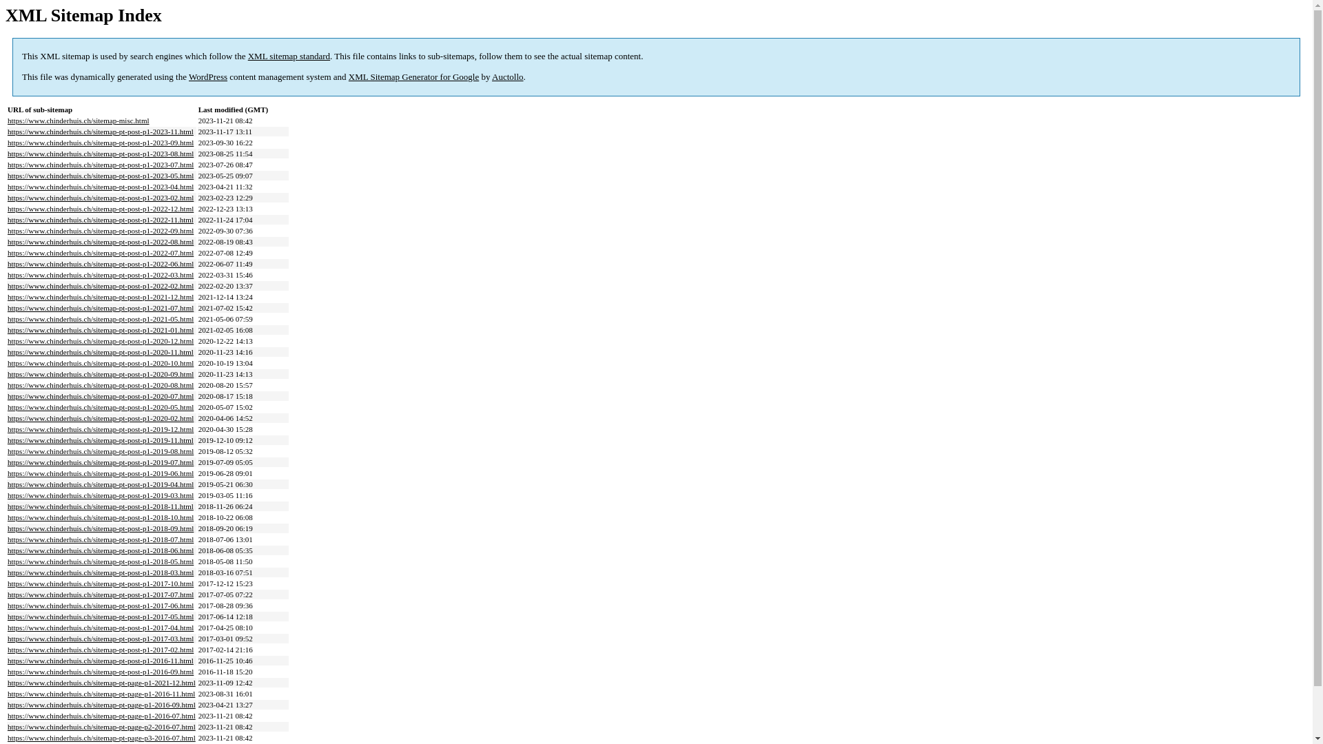 The image size is (1323, 744). Describe the element at coordinates (99, 174) in the screenshot. I see `'https://www.chinderhuis.ch/sitemap-pt-post-p1-2023-05.html'` at that location.